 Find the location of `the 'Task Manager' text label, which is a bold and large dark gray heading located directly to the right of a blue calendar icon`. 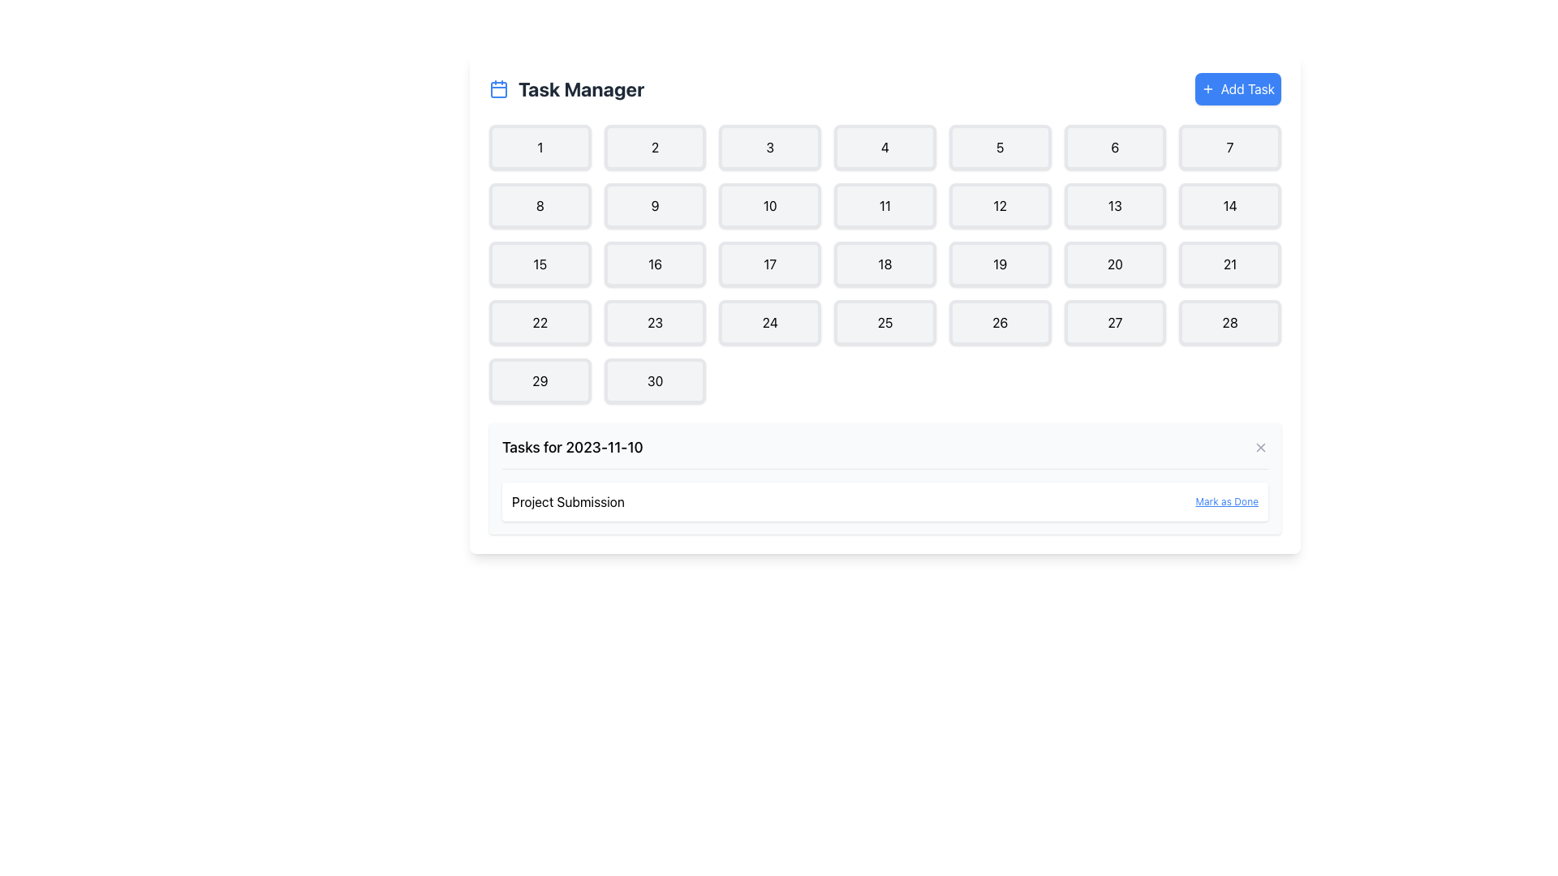

the 'Task Manager' text label, which is a bold and large dark gray heading located directly to the right of a blue calendar icon is located at coordinates (581, 89).